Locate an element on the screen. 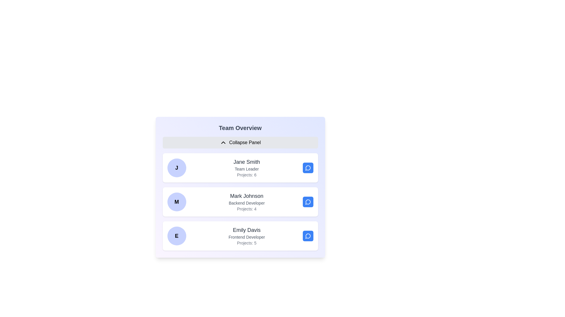 The image size is (565, 317). the circular speech bubble icon with a blue background located at the bottom-right of the third item in the 'Team Overview' section is located at coordinates (308, 236).